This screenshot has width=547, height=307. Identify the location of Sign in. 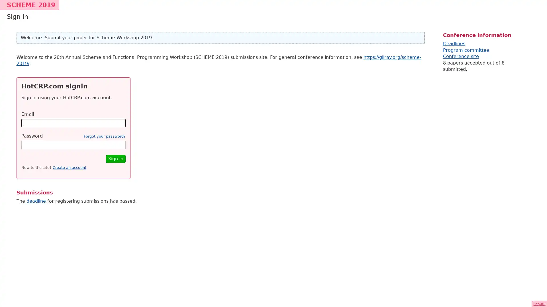
(115, 159).